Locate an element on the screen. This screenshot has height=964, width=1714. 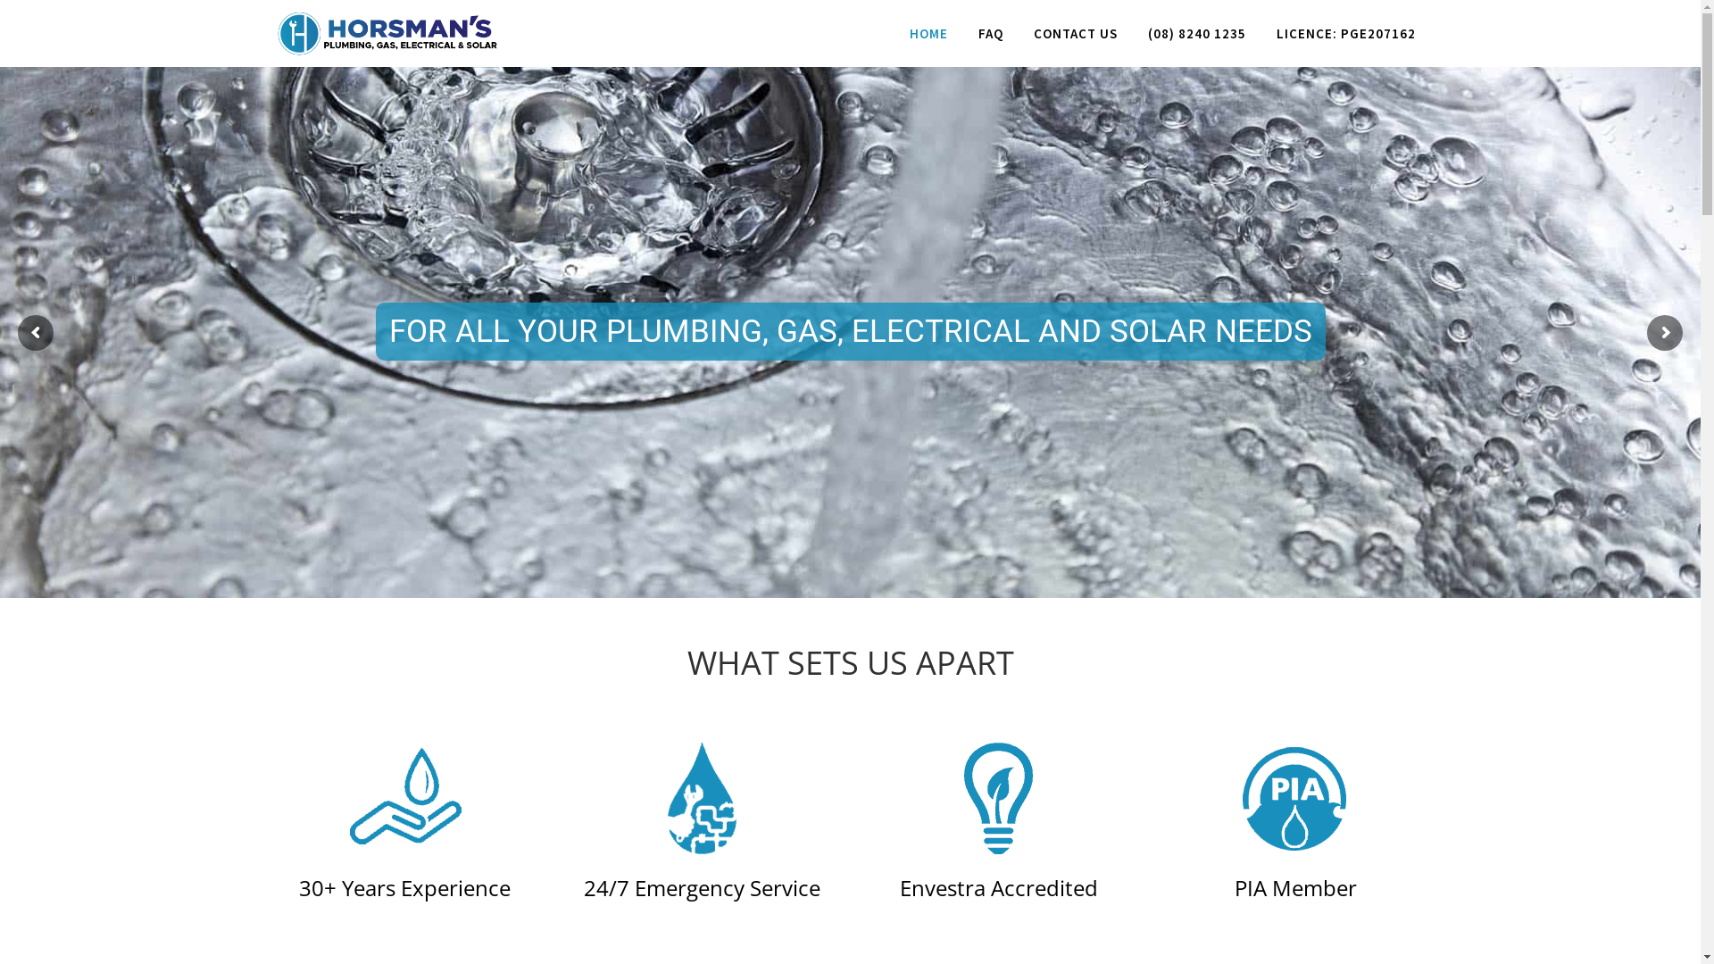
'FAQ' is located at coordinates (988, 33).